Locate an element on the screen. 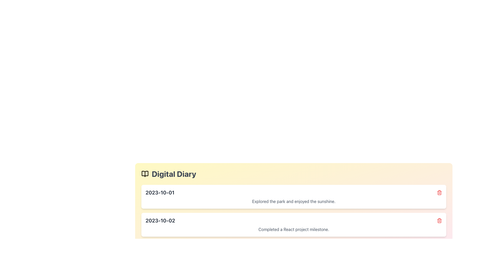 This screenshot has height=280, width=499. the text label that displays 'Explored the park and enjoyed the sunshine.' which is styled in gray and located within a white card, positioned below the date '2023-10-01' and to the right of a trash icon is located at coordinates (294, 201).